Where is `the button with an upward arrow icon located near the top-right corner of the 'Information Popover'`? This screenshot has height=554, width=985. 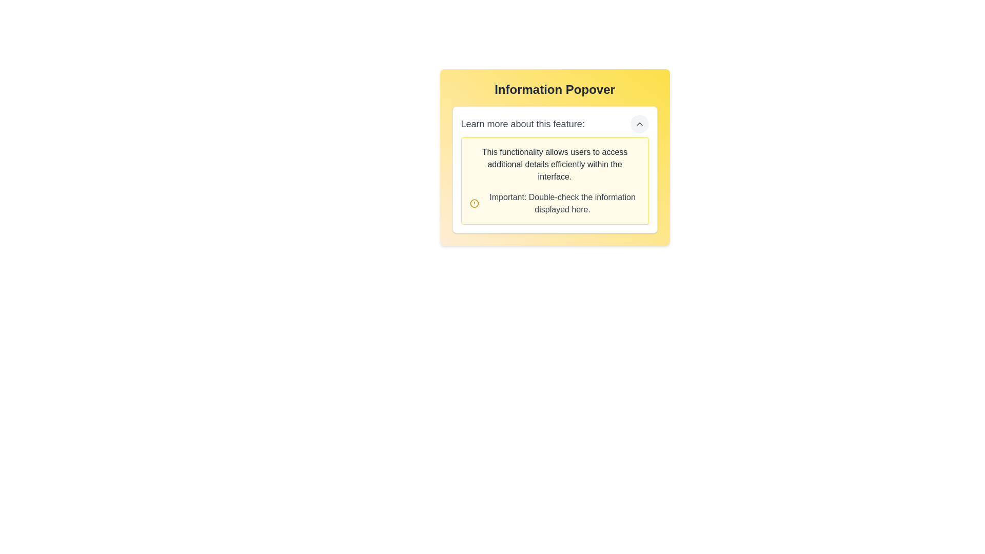
the button with an upward arrow icon located near the top-right corner of the 'Information Popover' is located at coordinates (639, 124).